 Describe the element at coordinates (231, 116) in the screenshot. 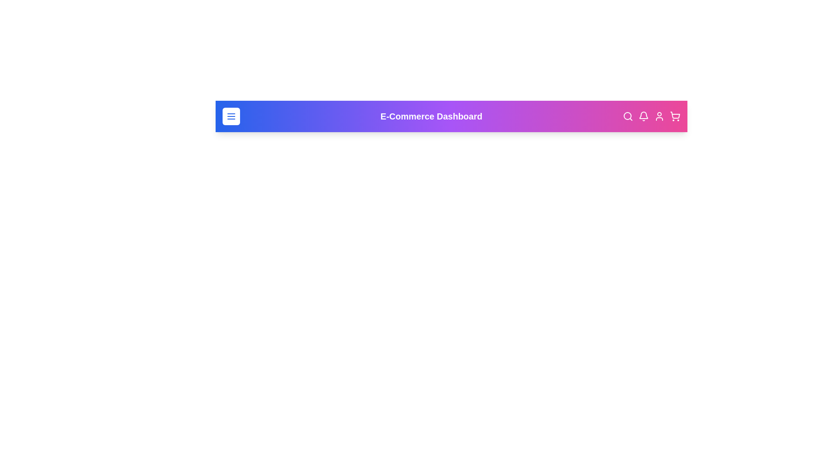

I see `the menu button to toggle the navigation menu` at that location.